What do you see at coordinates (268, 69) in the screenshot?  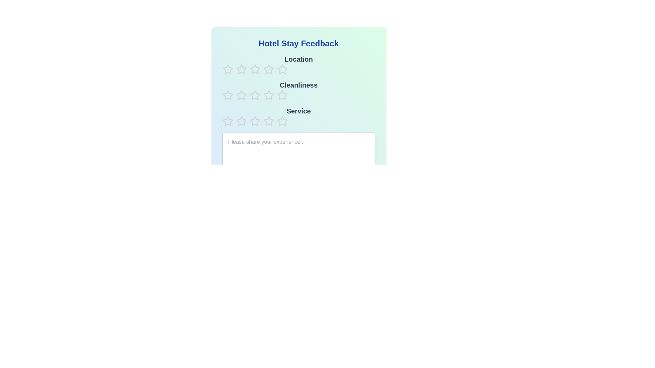 I see `the second rating star` at bounding box center [268, 69].